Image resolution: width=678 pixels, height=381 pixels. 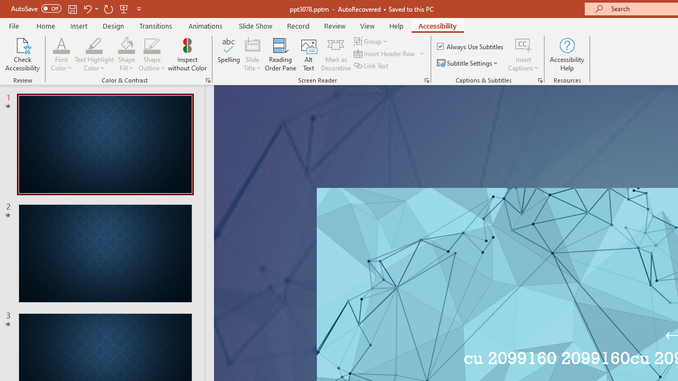 What do you see at coordinates (426, 79) in the screenshot?
I see `'Screen Reader'` at bounding box center [426, 79].